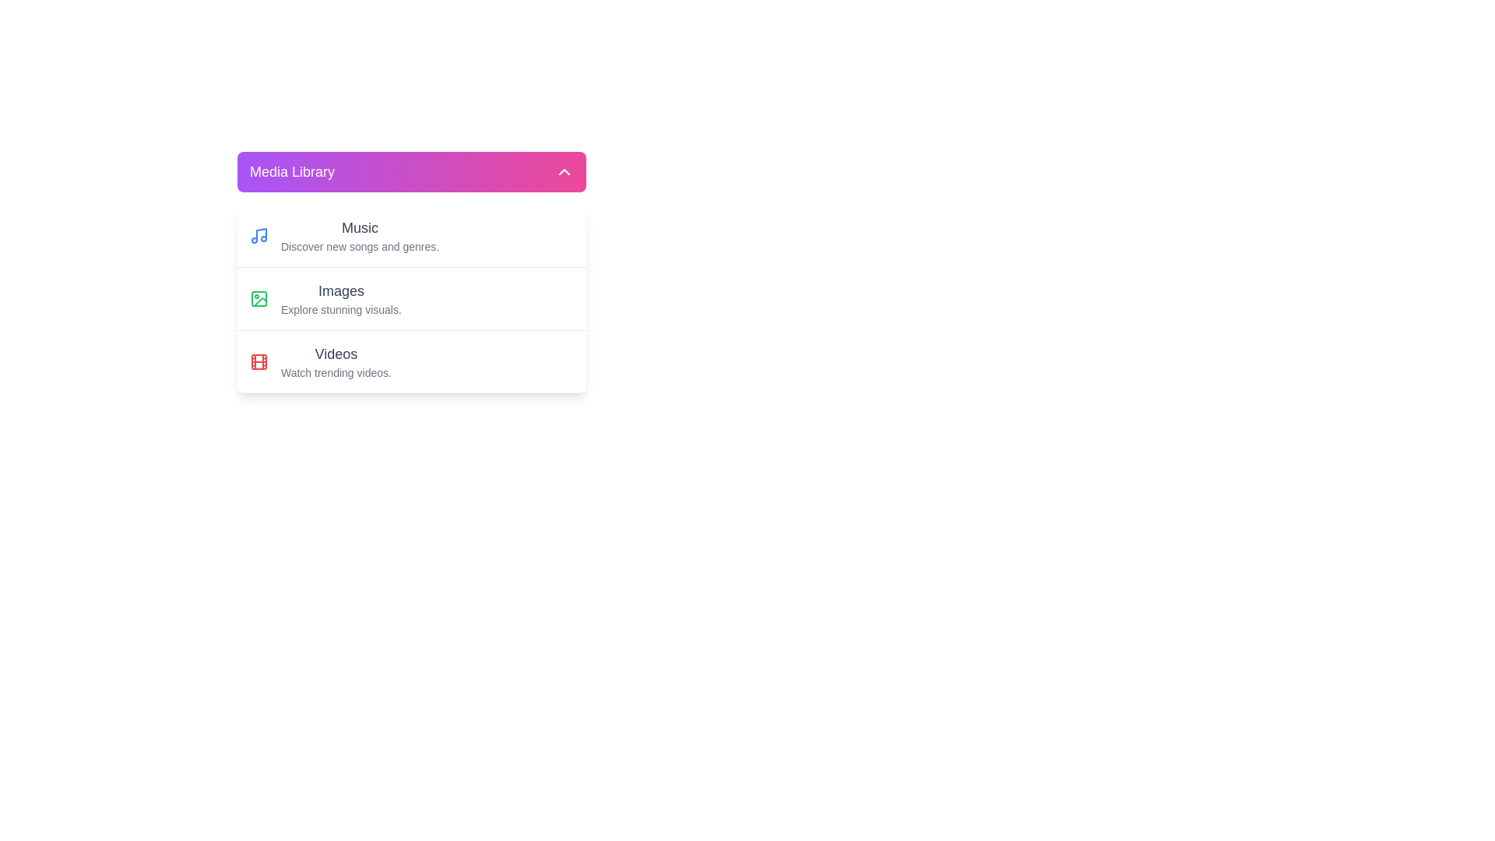 The width and height of the screenshot is (1495, 841). What do you see at coordinates (340, 291) in the screenshot?
I see `the static text label displaying 'Images' in the media library interface, which is styled with a large bold font and medium gray color` at bounding box center [340, 291].